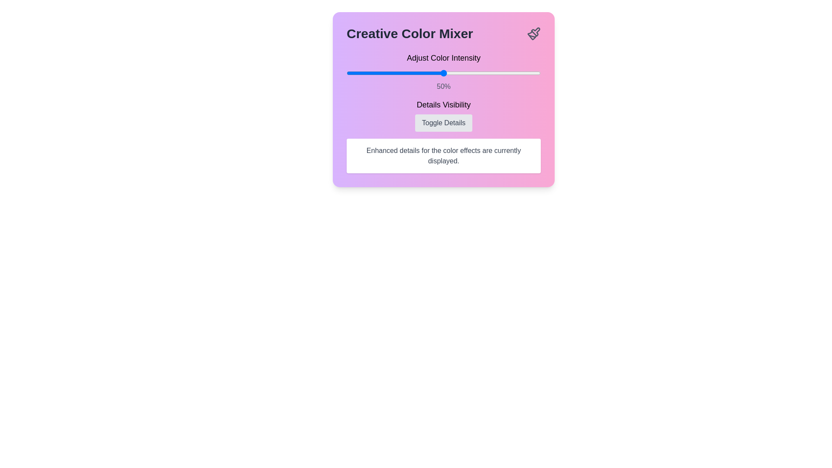 Image resolution: width=832 pixels, height=468 pixels. What do you see at coordinates (443, 123) in the screenshot?
I see `the 'Toggle Details' button, which is a rectangular button with a gray background and dark gray text, located below the header 'Details Visibility'` at bounding box center [443, 123].